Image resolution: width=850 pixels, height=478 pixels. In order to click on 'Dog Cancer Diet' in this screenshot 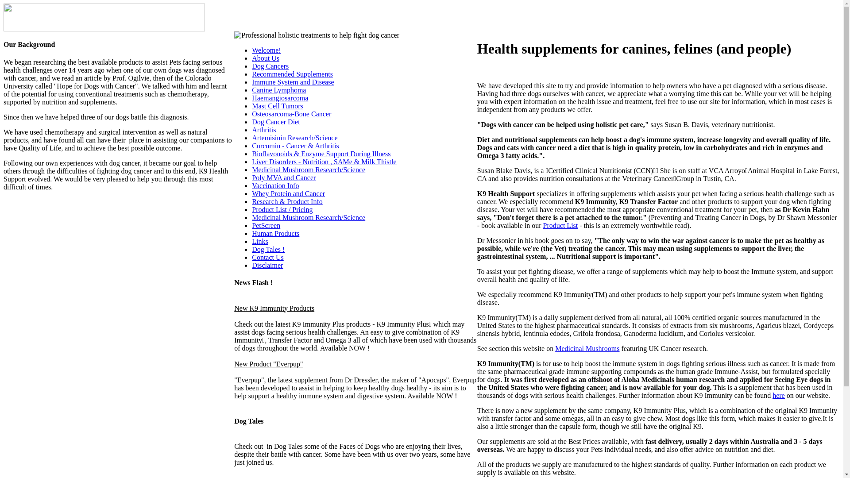, I will do `click(275, 122)`.